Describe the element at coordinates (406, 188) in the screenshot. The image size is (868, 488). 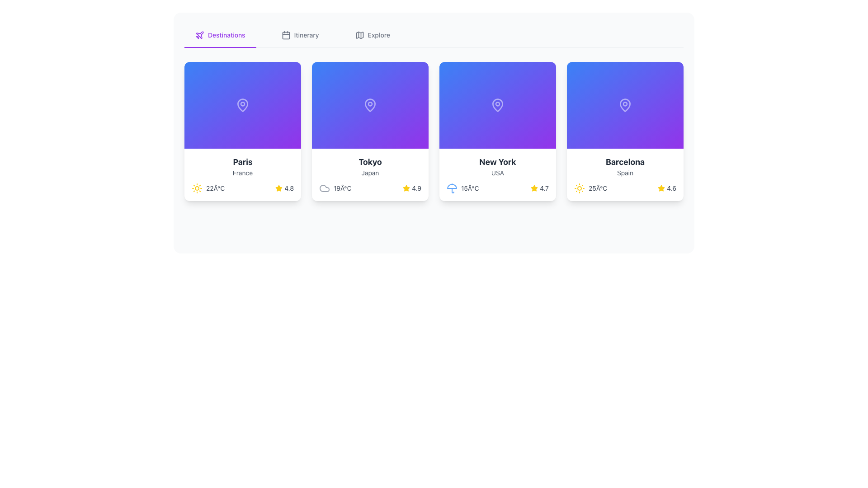
I see `the Rating star icon located at the bottom-right corner of the Tokyo card, adjacent to the rating number '4.9'` at that location.